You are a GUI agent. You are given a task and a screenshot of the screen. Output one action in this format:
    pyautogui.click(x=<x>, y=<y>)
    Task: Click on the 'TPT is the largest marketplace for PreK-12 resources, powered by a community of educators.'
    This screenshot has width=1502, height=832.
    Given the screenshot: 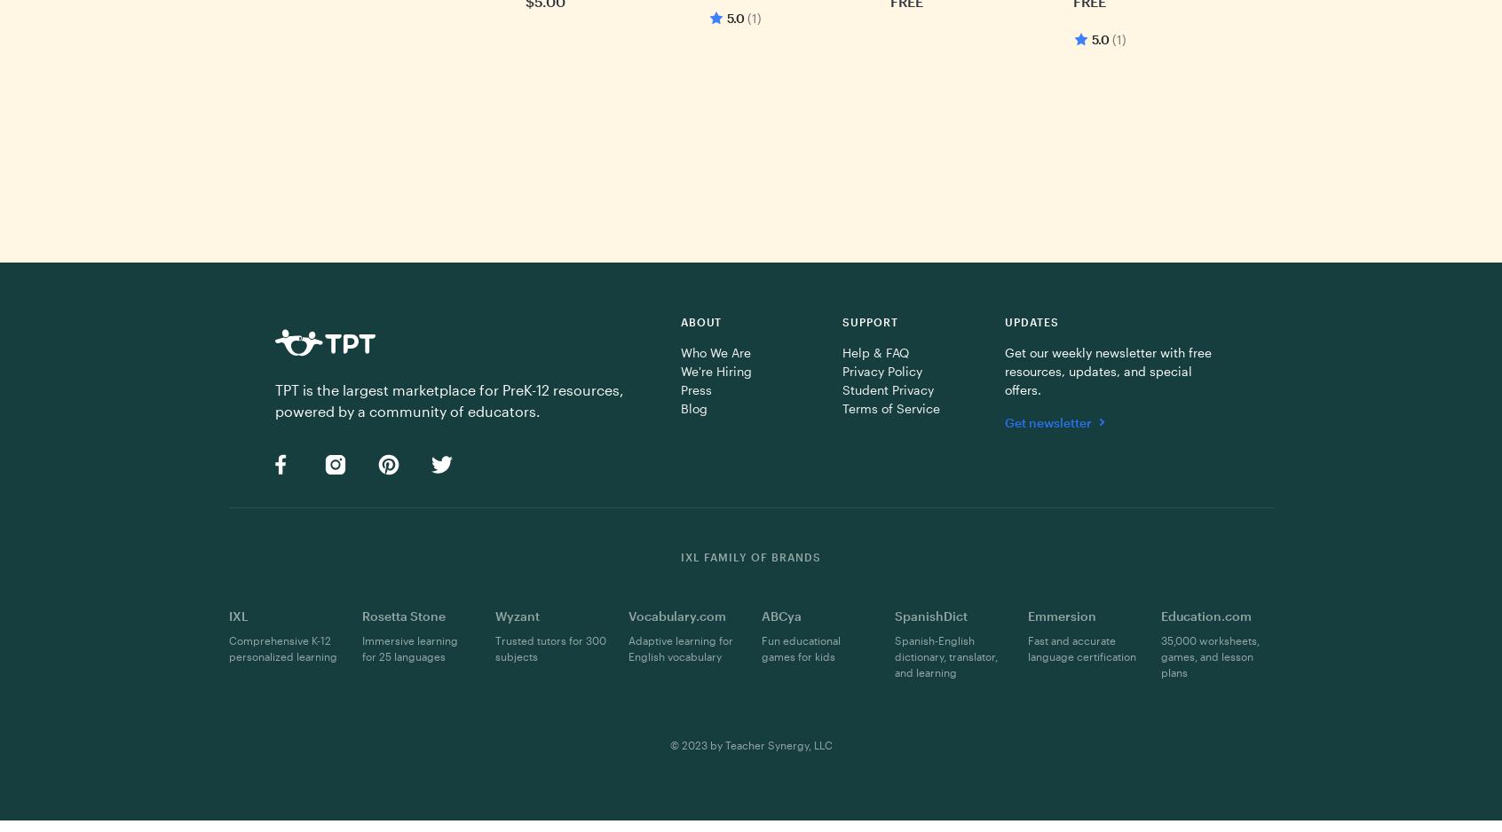 What is the action you would take?
    pyautogui.click(x=449, y=399)
    